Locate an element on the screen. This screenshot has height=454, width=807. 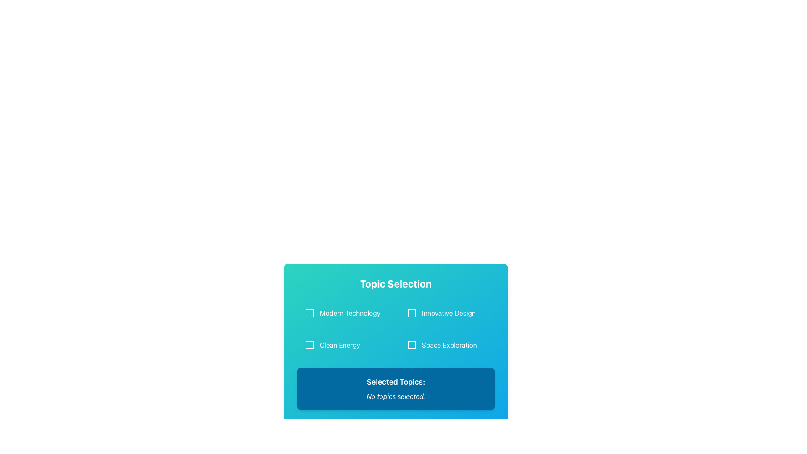
the checkbox for the 'Innovative Design' topic located in the 'Topic Selection' group is located at coordinates (411, 313).